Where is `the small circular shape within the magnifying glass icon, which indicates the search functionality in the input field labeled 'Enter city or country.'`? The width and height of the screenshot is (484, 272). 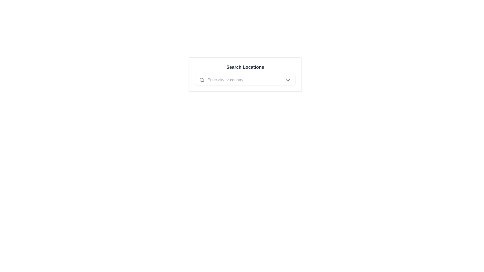 the small circular shape within the magnifying glass icon, which indicates the search functionality in the input field labeled 'Enter city or country.' is located at coordinates (202, 80).